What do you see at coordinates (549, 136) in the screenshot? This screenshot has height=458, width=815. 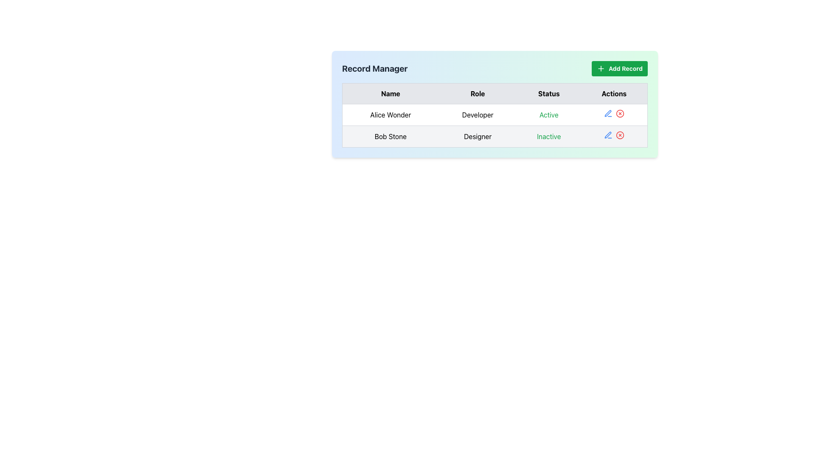 I see `the 'Status' text label indicating that user Bob Stone's account is currently inactive, located in the third column of the second row in the data table under the 'Record Manager' header` at bounding box center [549, 136].